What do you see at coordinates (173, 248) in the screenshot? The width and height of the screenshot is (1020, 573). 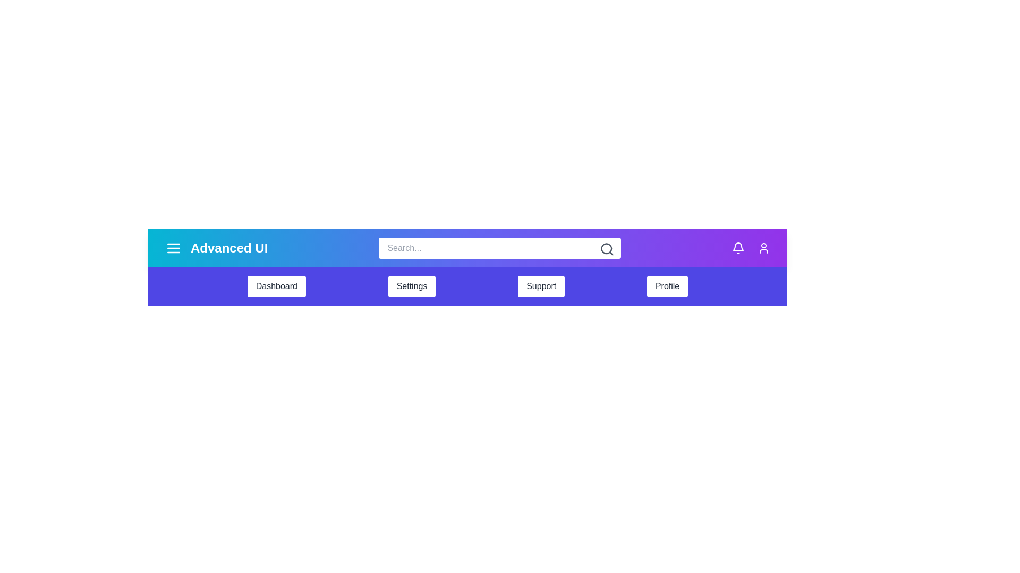 I see `the menu icon to toggle the menu open or closed` at bounding box center [173, 248].